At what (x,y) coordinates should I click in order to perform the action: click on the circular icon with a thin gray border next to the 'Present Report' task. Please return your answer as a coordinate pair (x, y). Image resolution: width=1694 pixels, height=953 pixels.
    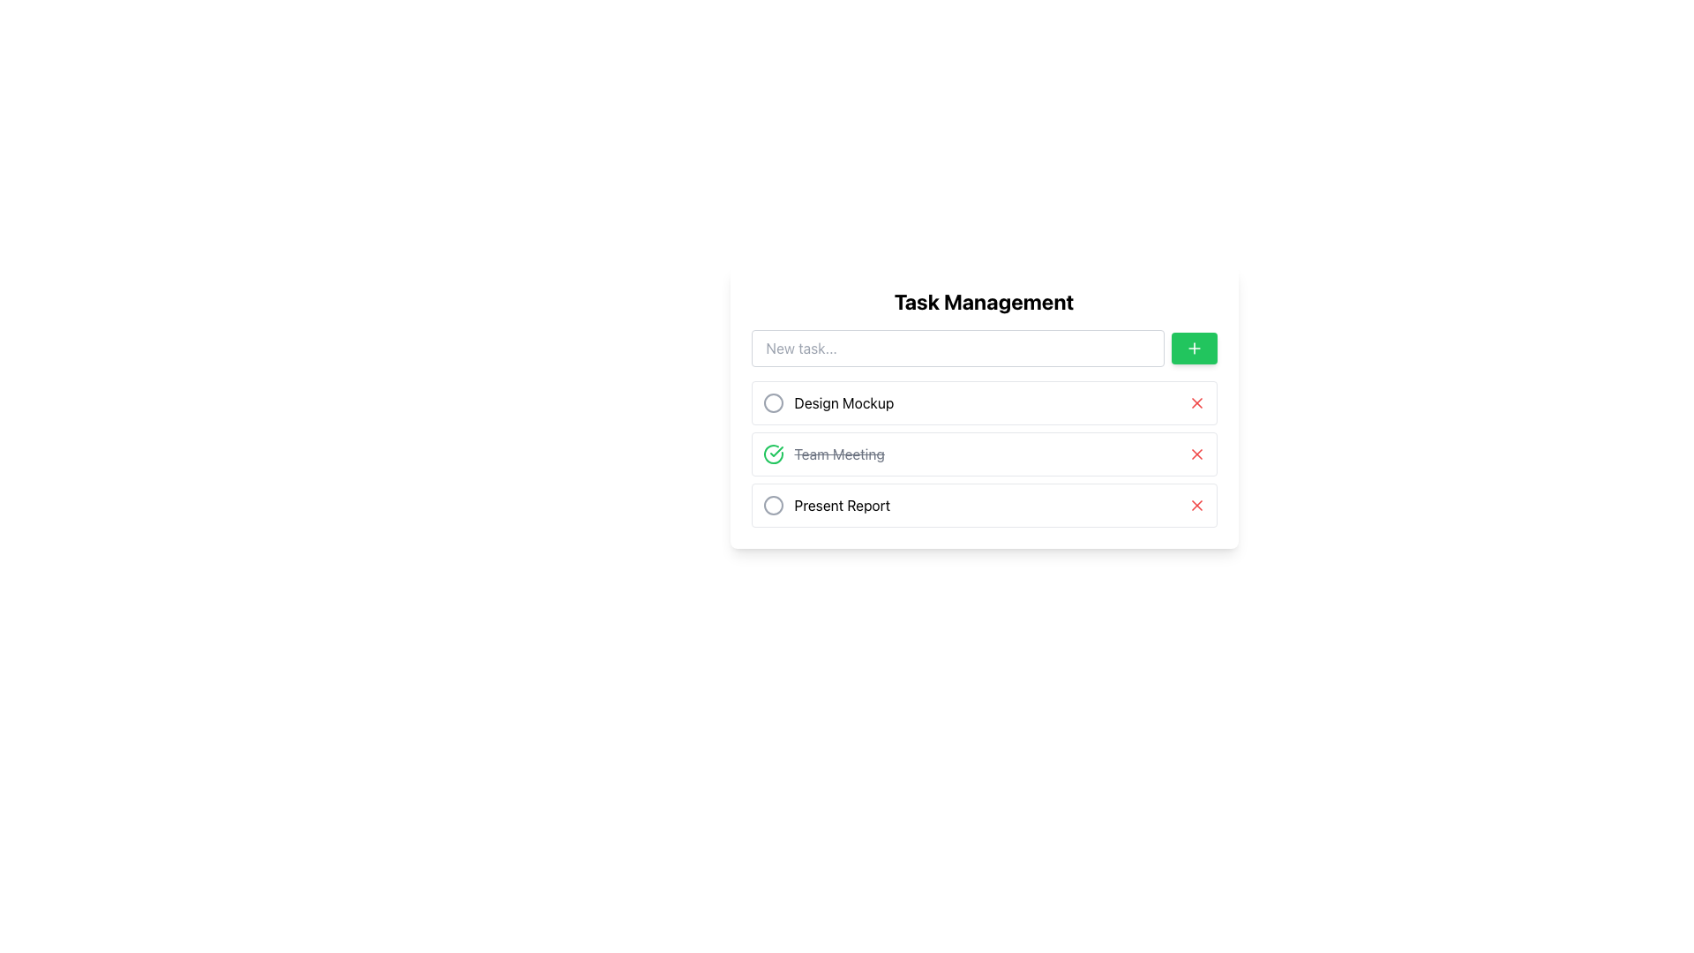
    Looking at the image, I should click on (773, 506).